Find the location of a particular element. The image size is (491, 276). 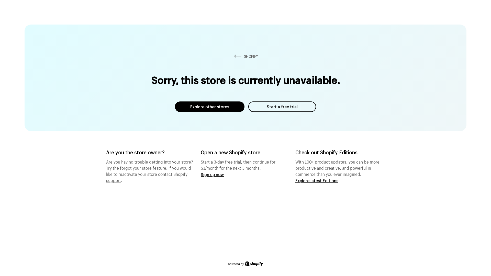

'SHOPIFY' is located at coordinates (245, 56).